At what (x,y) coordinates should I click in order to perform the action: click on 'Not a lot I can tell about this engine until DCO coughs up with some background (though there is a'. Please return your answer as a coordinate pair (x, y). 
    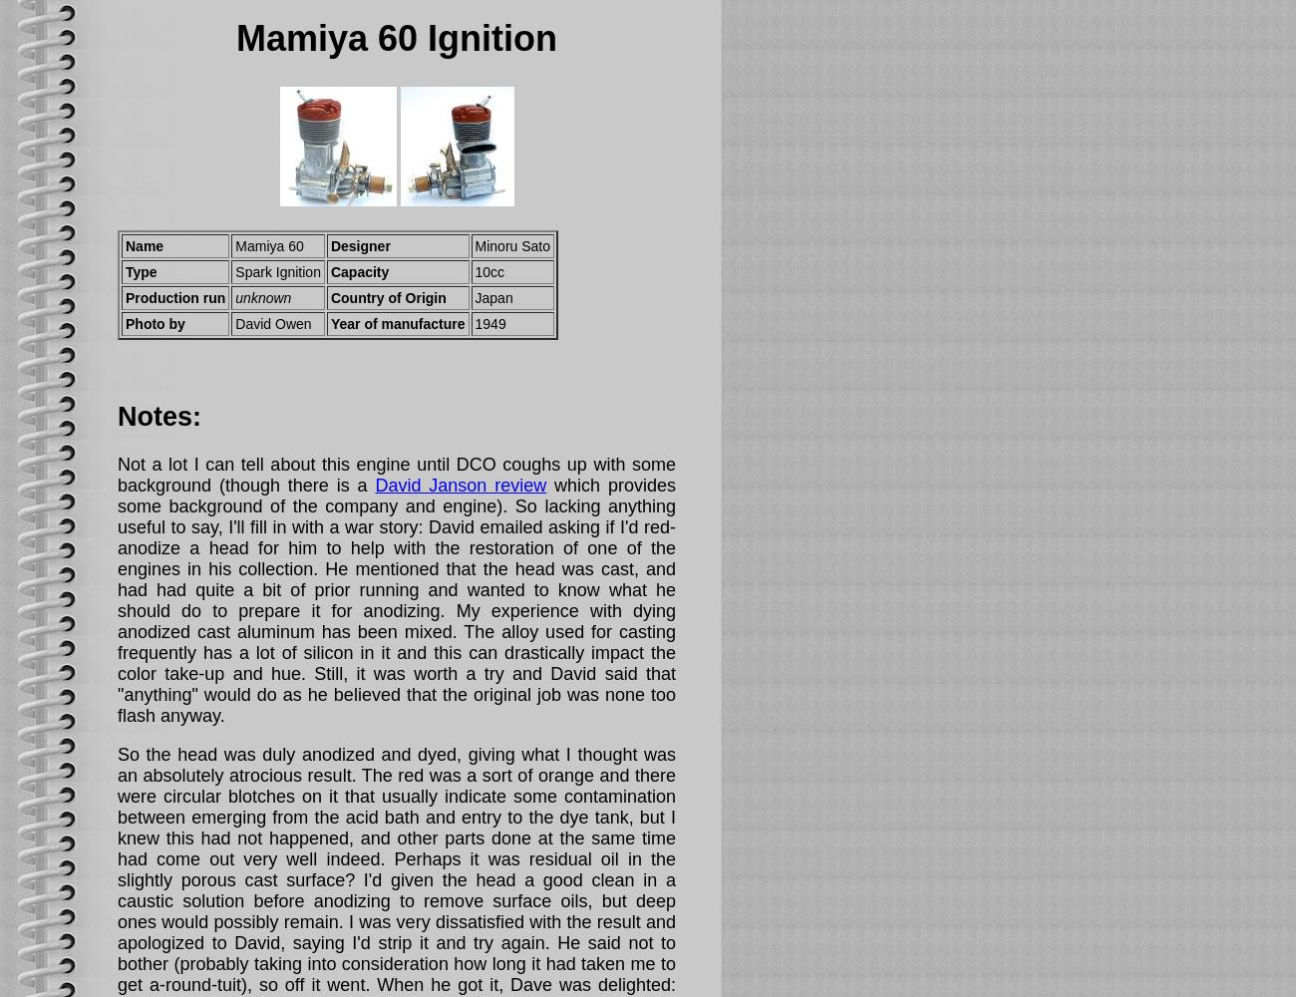
    Looking at the image, I should click on (397, 473).